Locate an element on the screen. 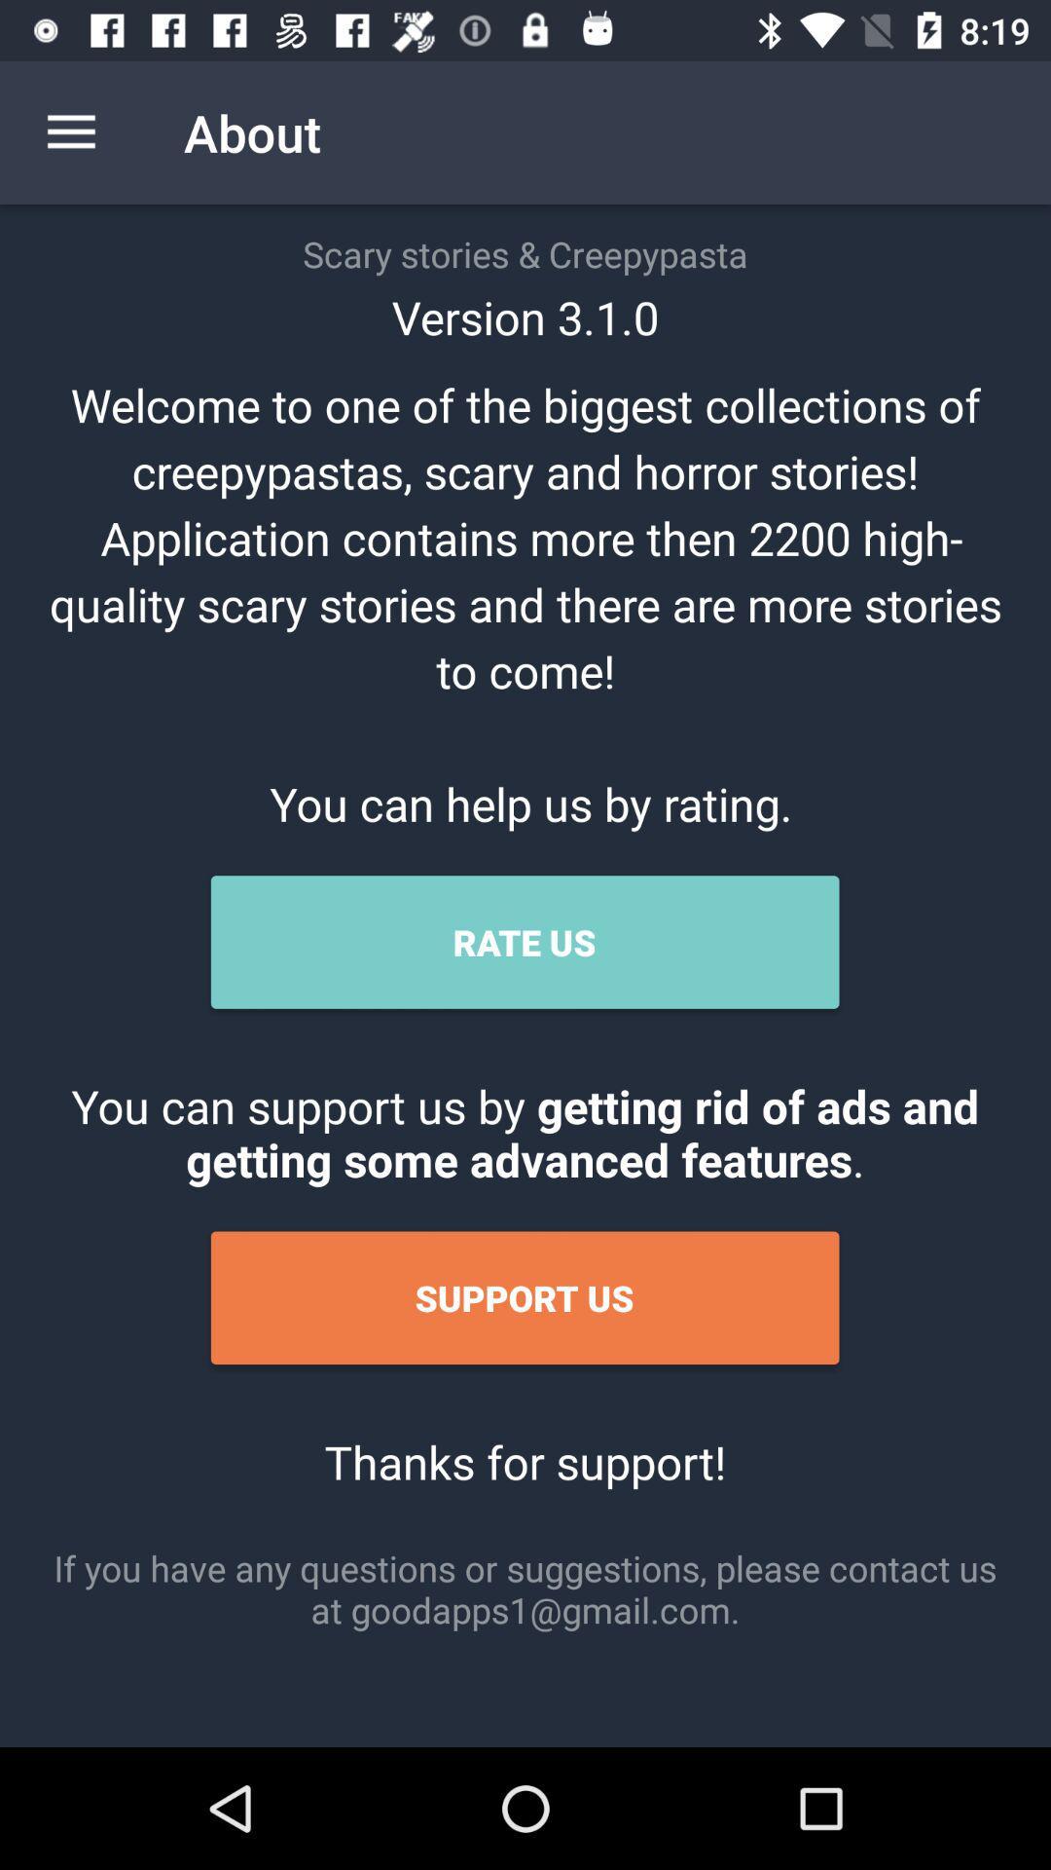 The image size is (1051, 1870). icon below the welcome to one item is located at coordinates (524, 942).